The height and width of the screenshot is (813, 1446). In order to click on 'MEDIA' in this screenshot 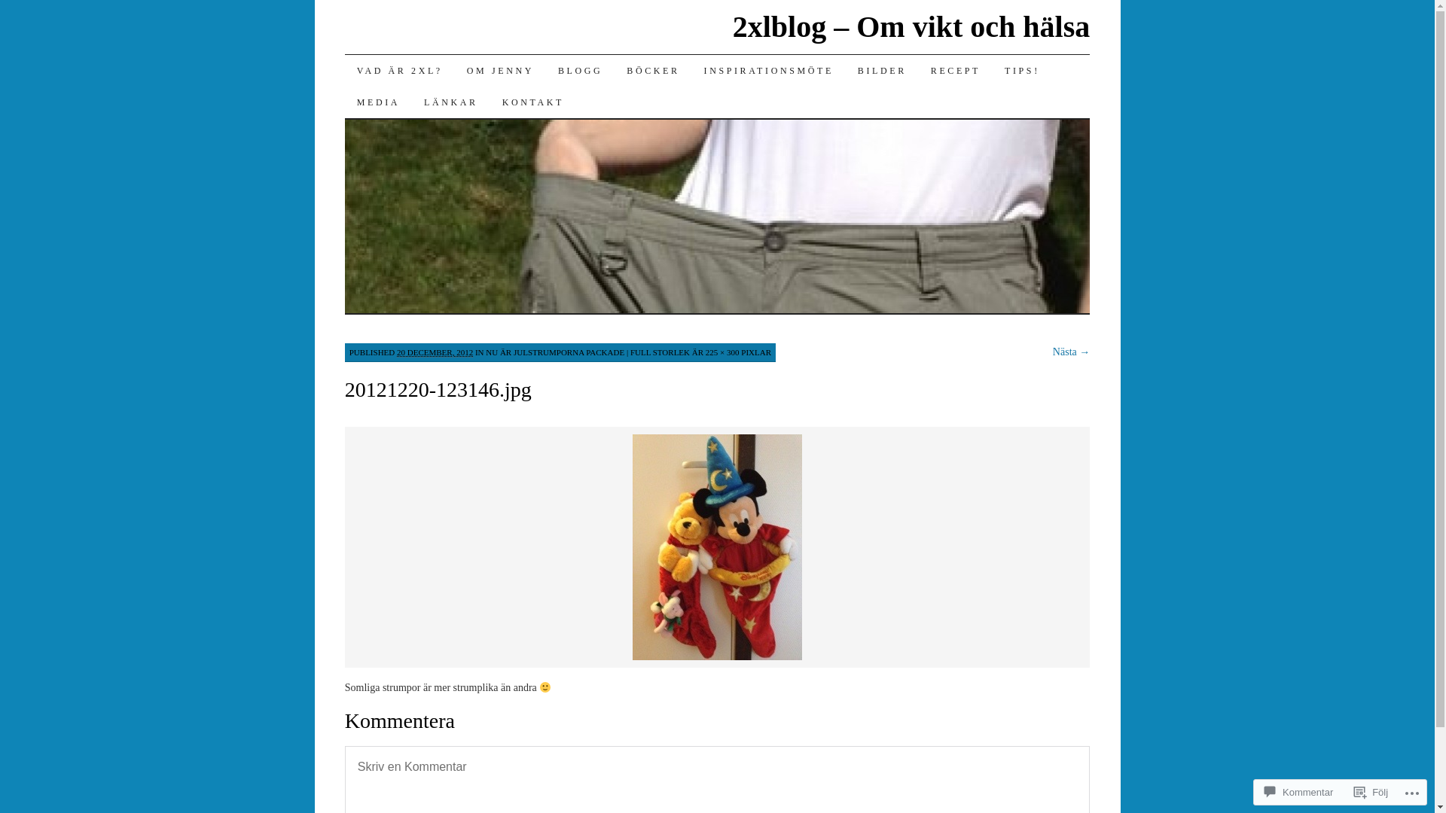, I will do `click(378, 102)`.